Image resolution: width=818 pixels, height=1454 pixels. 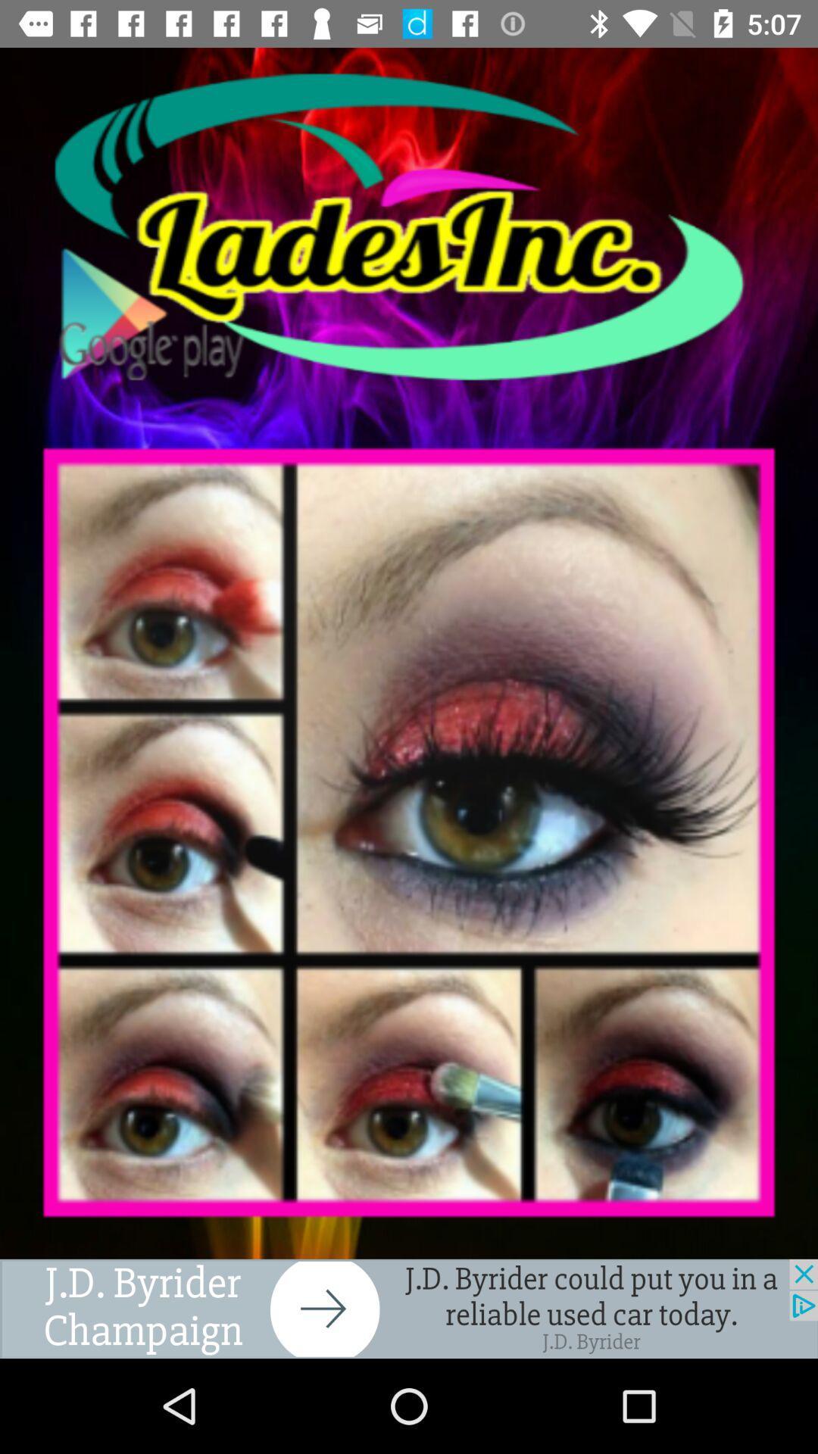 I want to click on home page, so click(x=409, y=226).